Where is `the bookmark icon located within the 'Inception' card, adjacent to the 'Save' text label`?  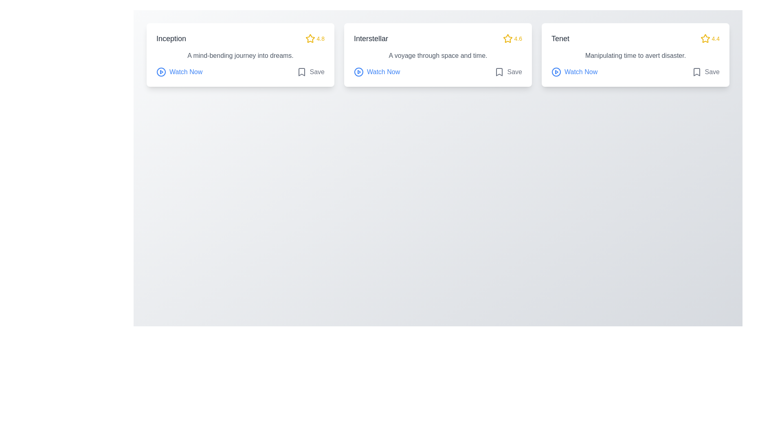
the bookmark icon located within the 'Inception' card, adjacent to the 'Save' text label is located at coordinates (301, 72).